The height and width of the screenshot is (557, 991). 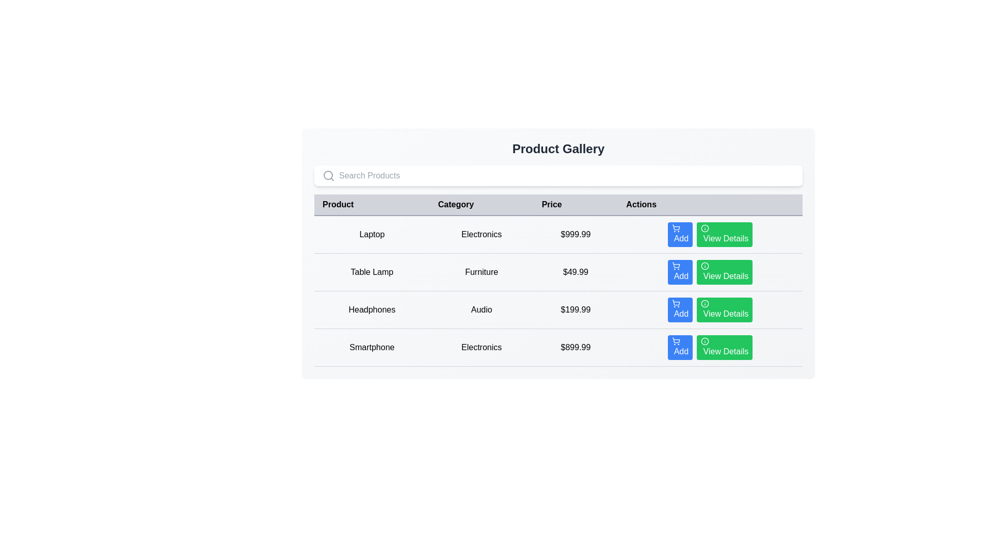 I want to click on the green rectangular button labeled 'View Details' with an 'i' info icon, located in the first row of the 'Actions' column, immediately to the right of the 'Add' button, so click(x=724, y=235).